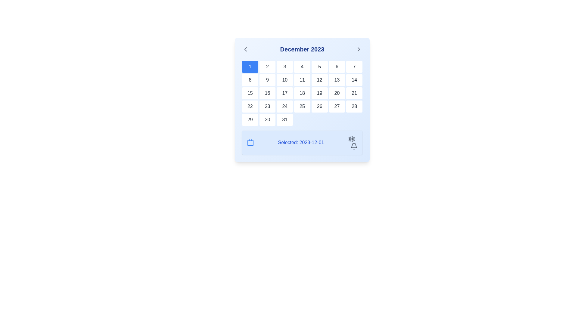 This screenshot has width=578, height=325. Describe the element at coordinates (250, 67) in the screenshot. I see `the Date Cell button displaying the number '1' in a blue background, located in the 'December 2023' calendar interface` at that location.